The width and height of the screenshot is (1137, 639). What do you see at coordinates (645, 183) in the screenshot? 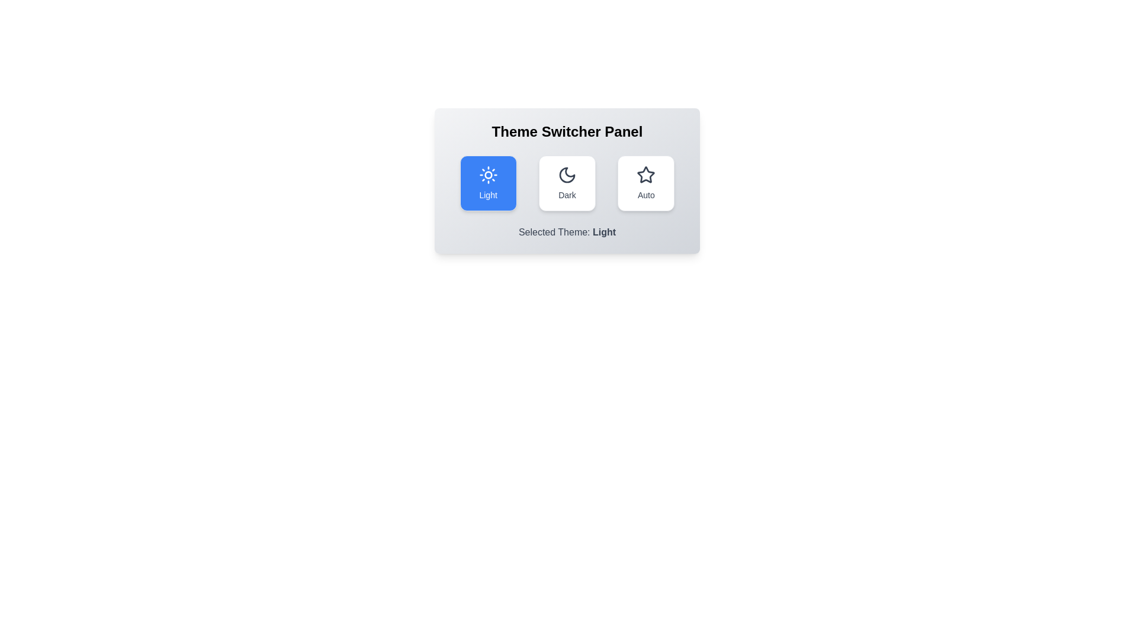
I see `the 'Auto' button with a star icon, which is the third button in the theme switcher options` at bounding box center [645, 183].